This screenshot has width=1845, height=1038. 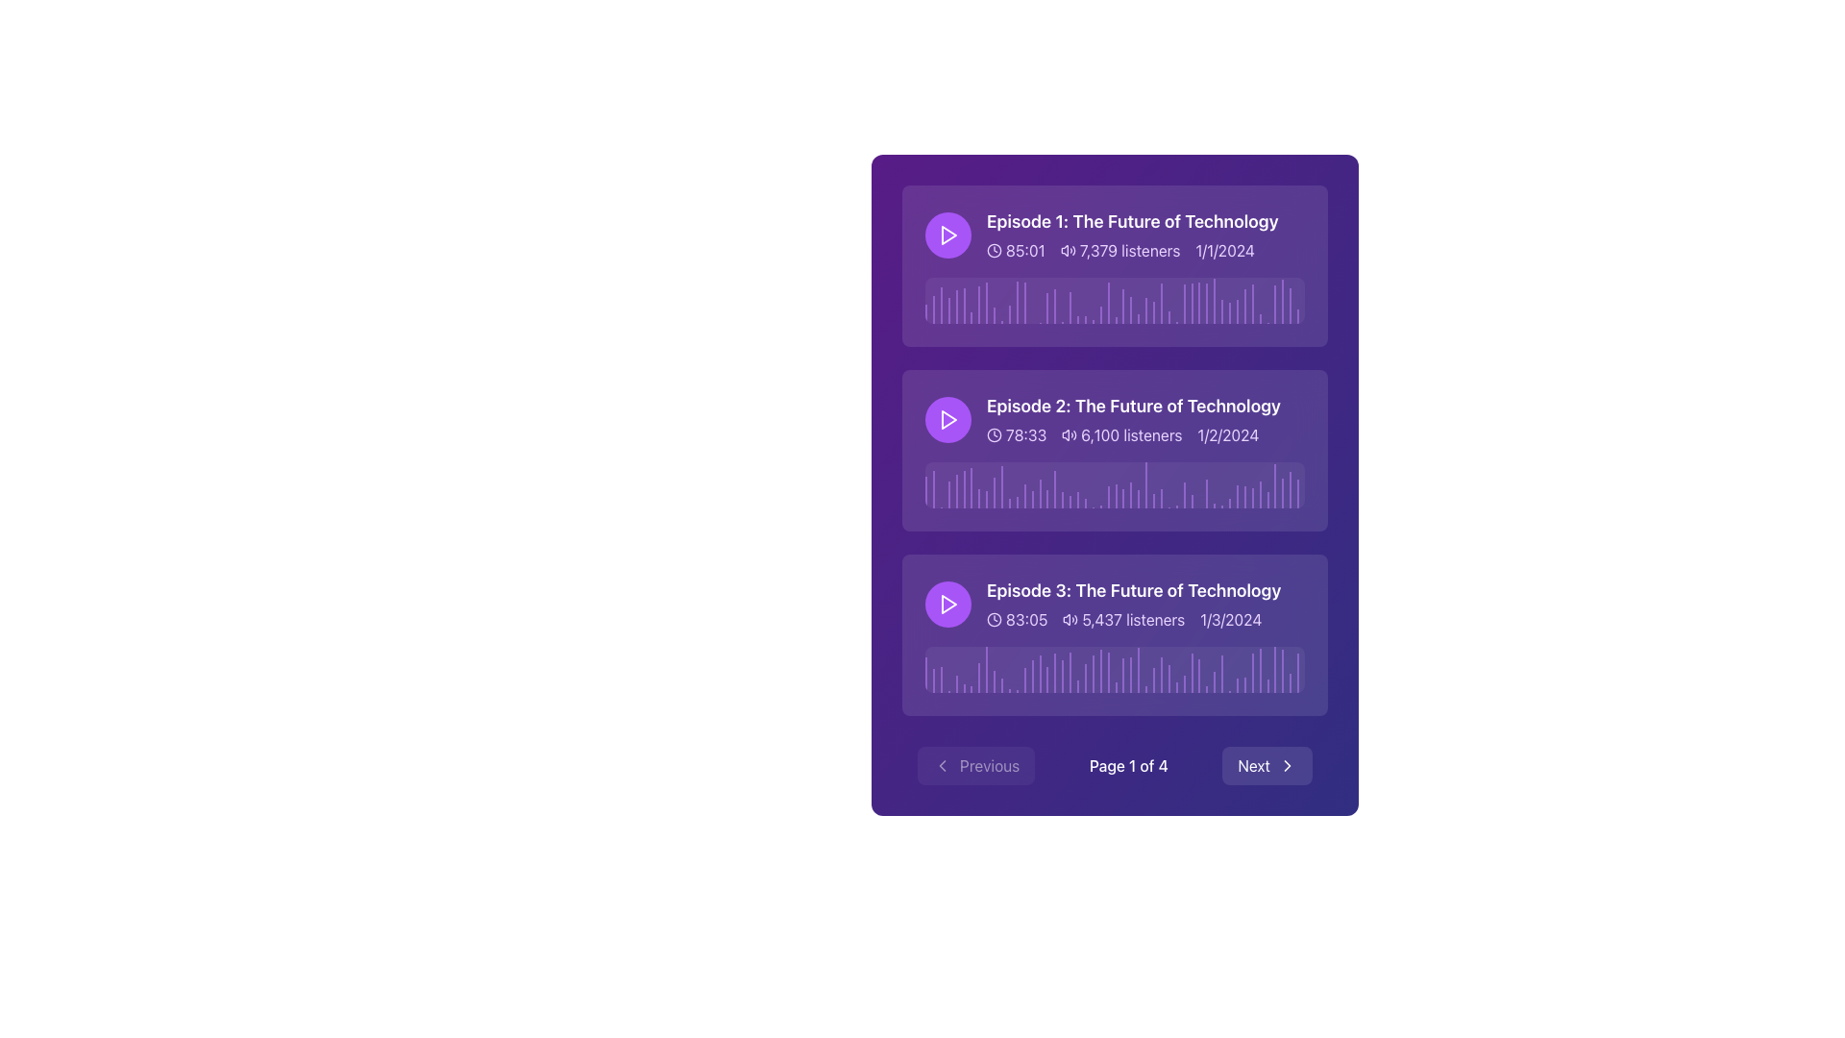 What do you see at coordinates (948, 309) in the screenshot?
I see `the vertical purple progress indicator located within the audio progress bar of the first episode card, which fills approximately 55.47% of the vertical space and is the fourth indicator from the left` at bounding box center [948, 309].